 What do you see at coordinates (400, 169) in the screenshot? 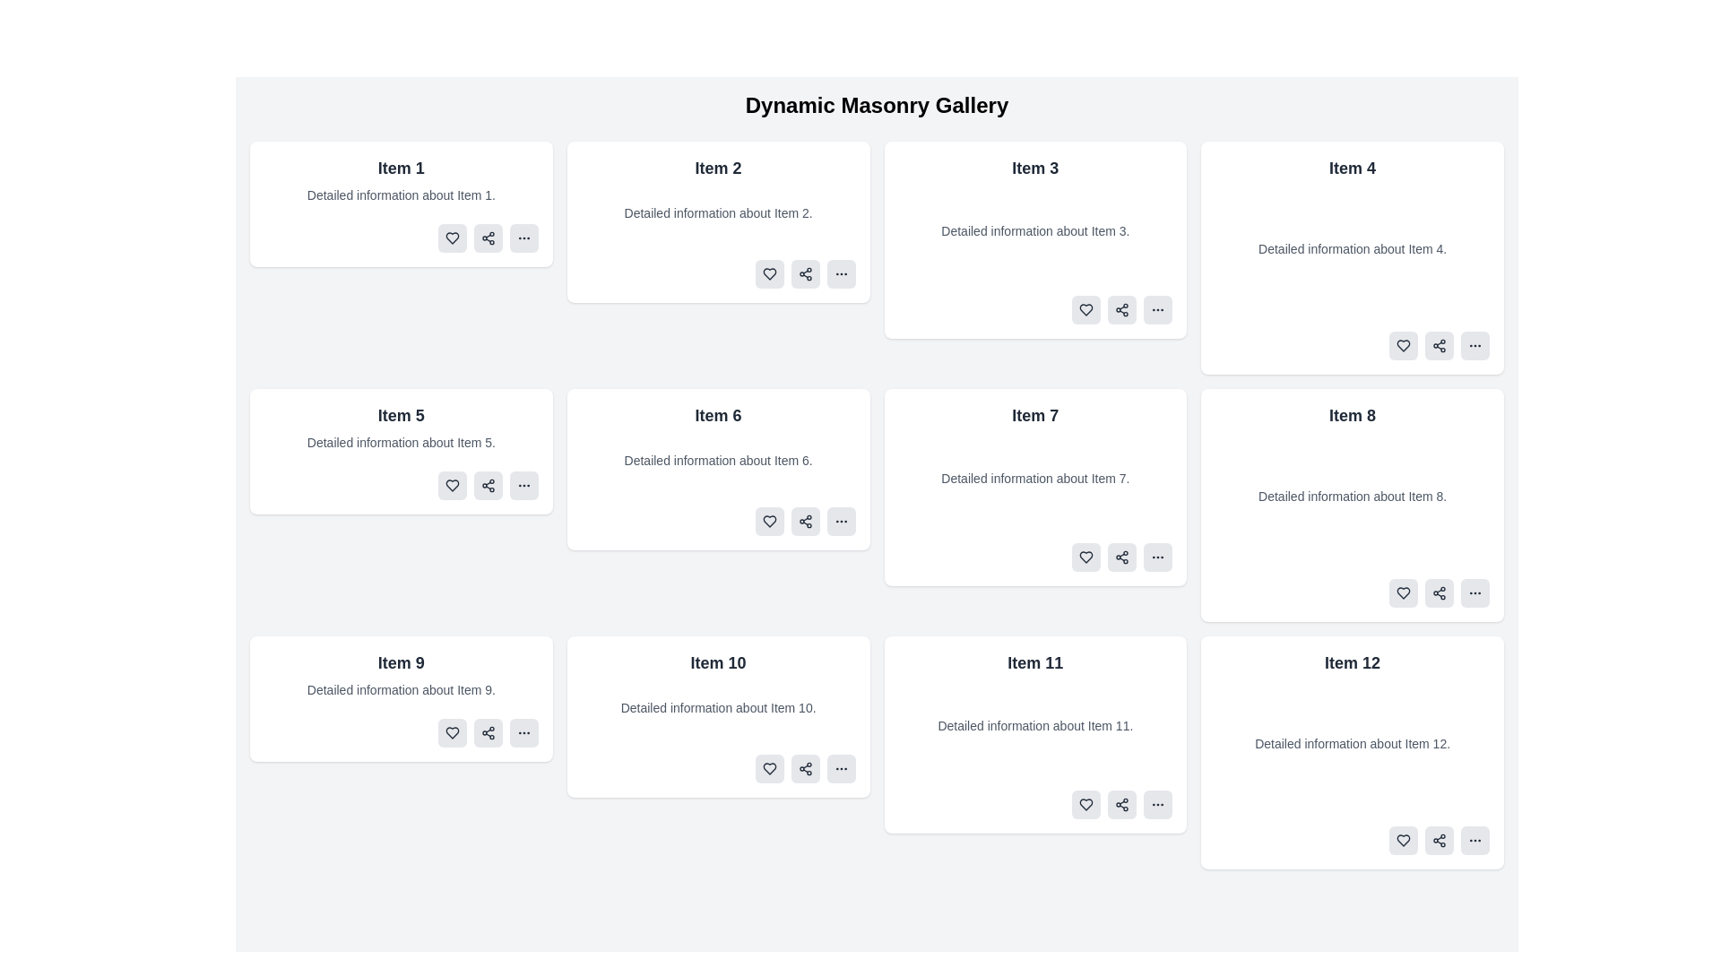
I see `text displayed in the bold 'Item 1' label located at the top-left side of the grid layout in the first card of the first row` at bounding box center [400, 169].